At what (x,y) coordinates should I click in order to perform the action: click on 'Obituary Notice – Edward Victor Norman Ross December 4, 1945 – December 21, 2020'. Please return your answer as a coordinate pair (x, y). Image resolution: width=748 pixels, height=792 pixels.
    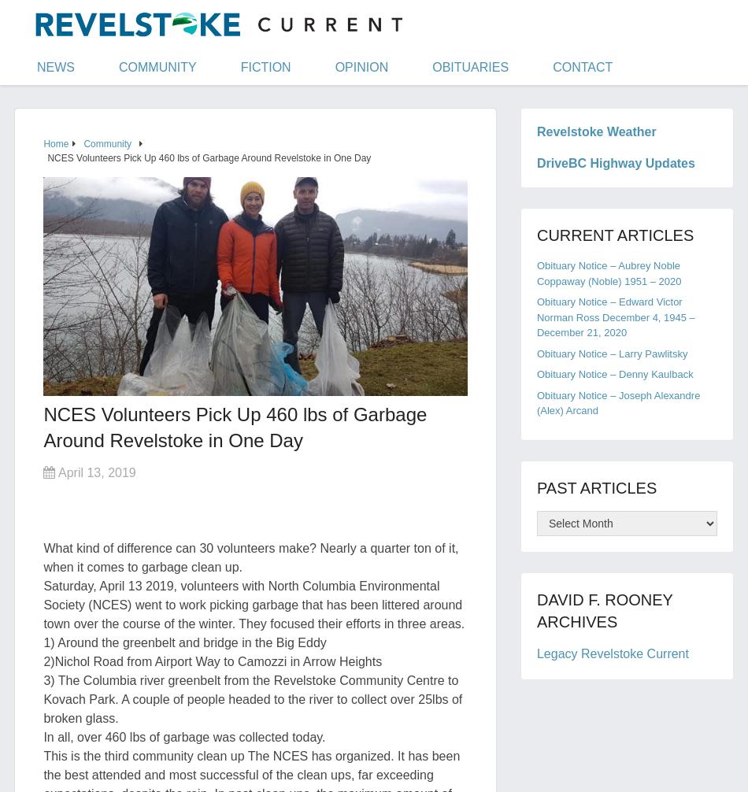
    Looking at the image, I should click on (614, 316).